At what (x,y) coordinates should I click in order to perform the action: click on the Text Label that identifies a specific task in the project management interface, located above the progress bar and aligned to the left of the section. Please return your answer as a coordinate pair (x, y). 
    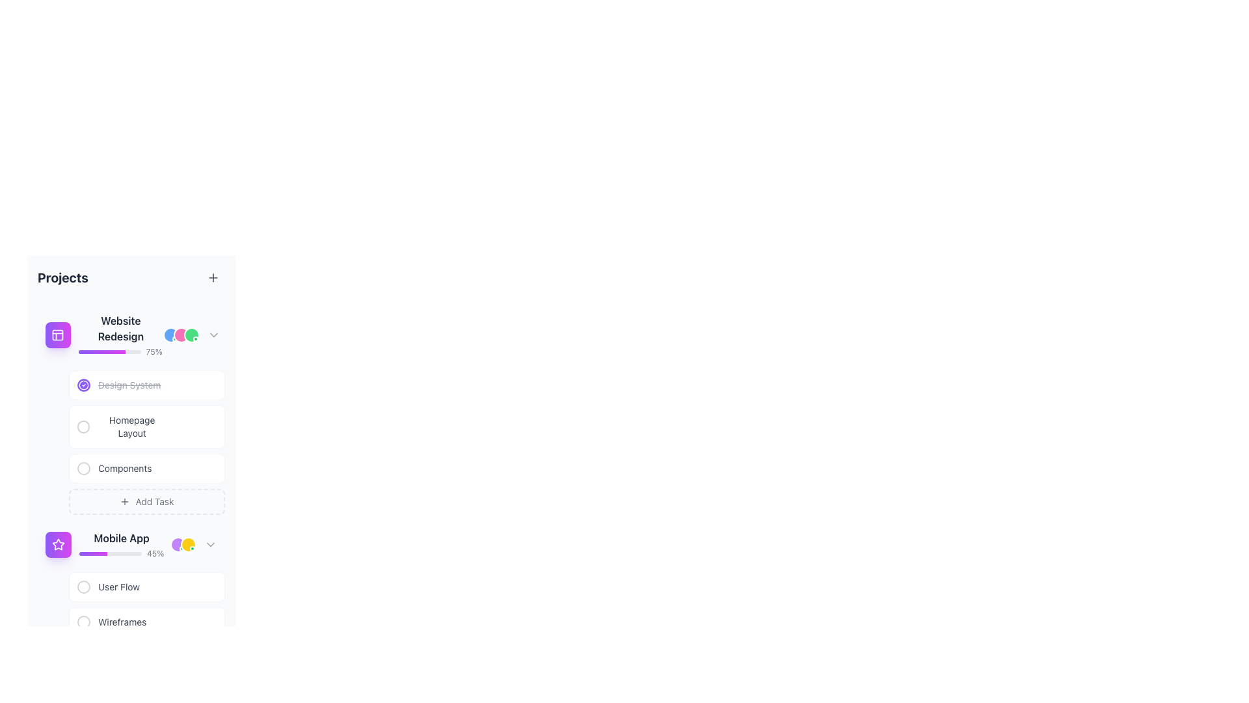
    Looking at the image, I should click on (122, 538).